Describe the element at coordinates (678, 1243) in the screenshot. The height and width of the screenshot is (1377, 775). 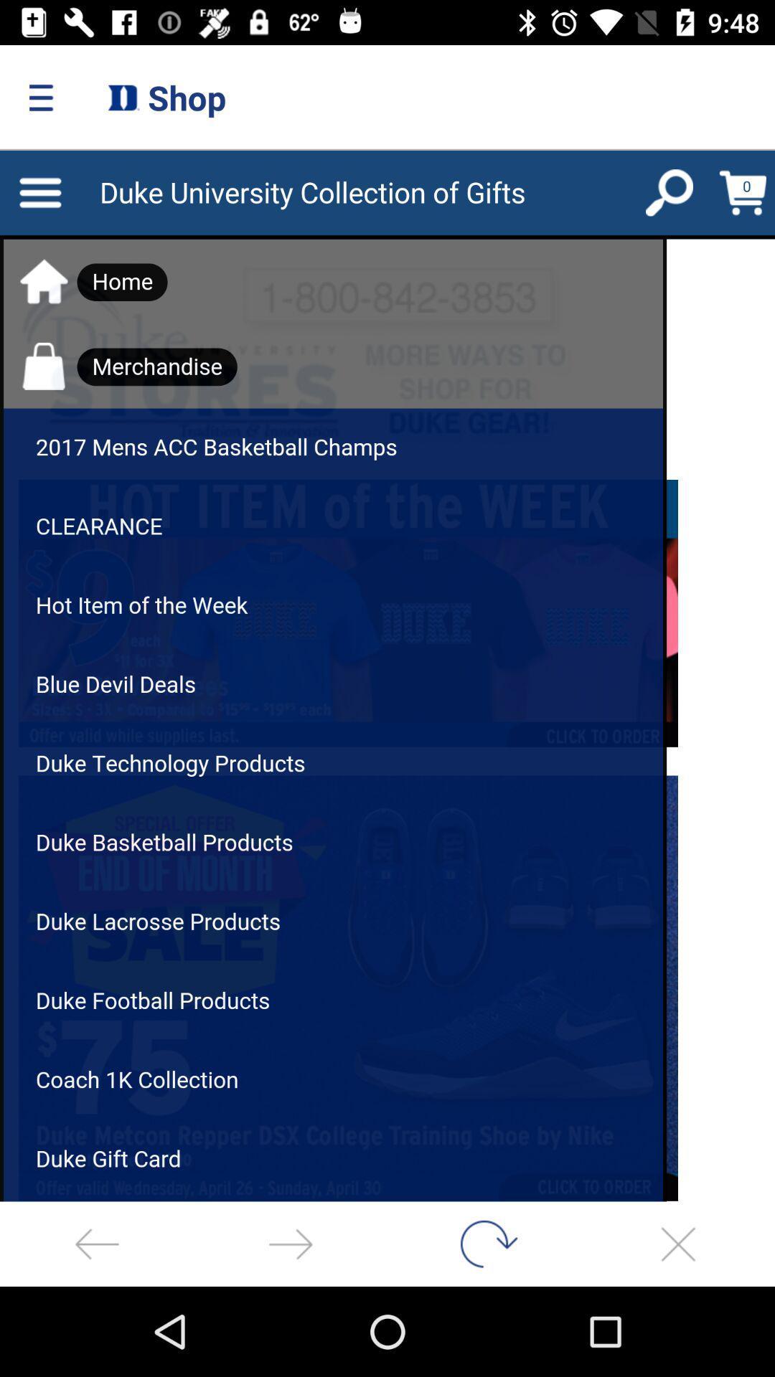
I see `window` at that location.